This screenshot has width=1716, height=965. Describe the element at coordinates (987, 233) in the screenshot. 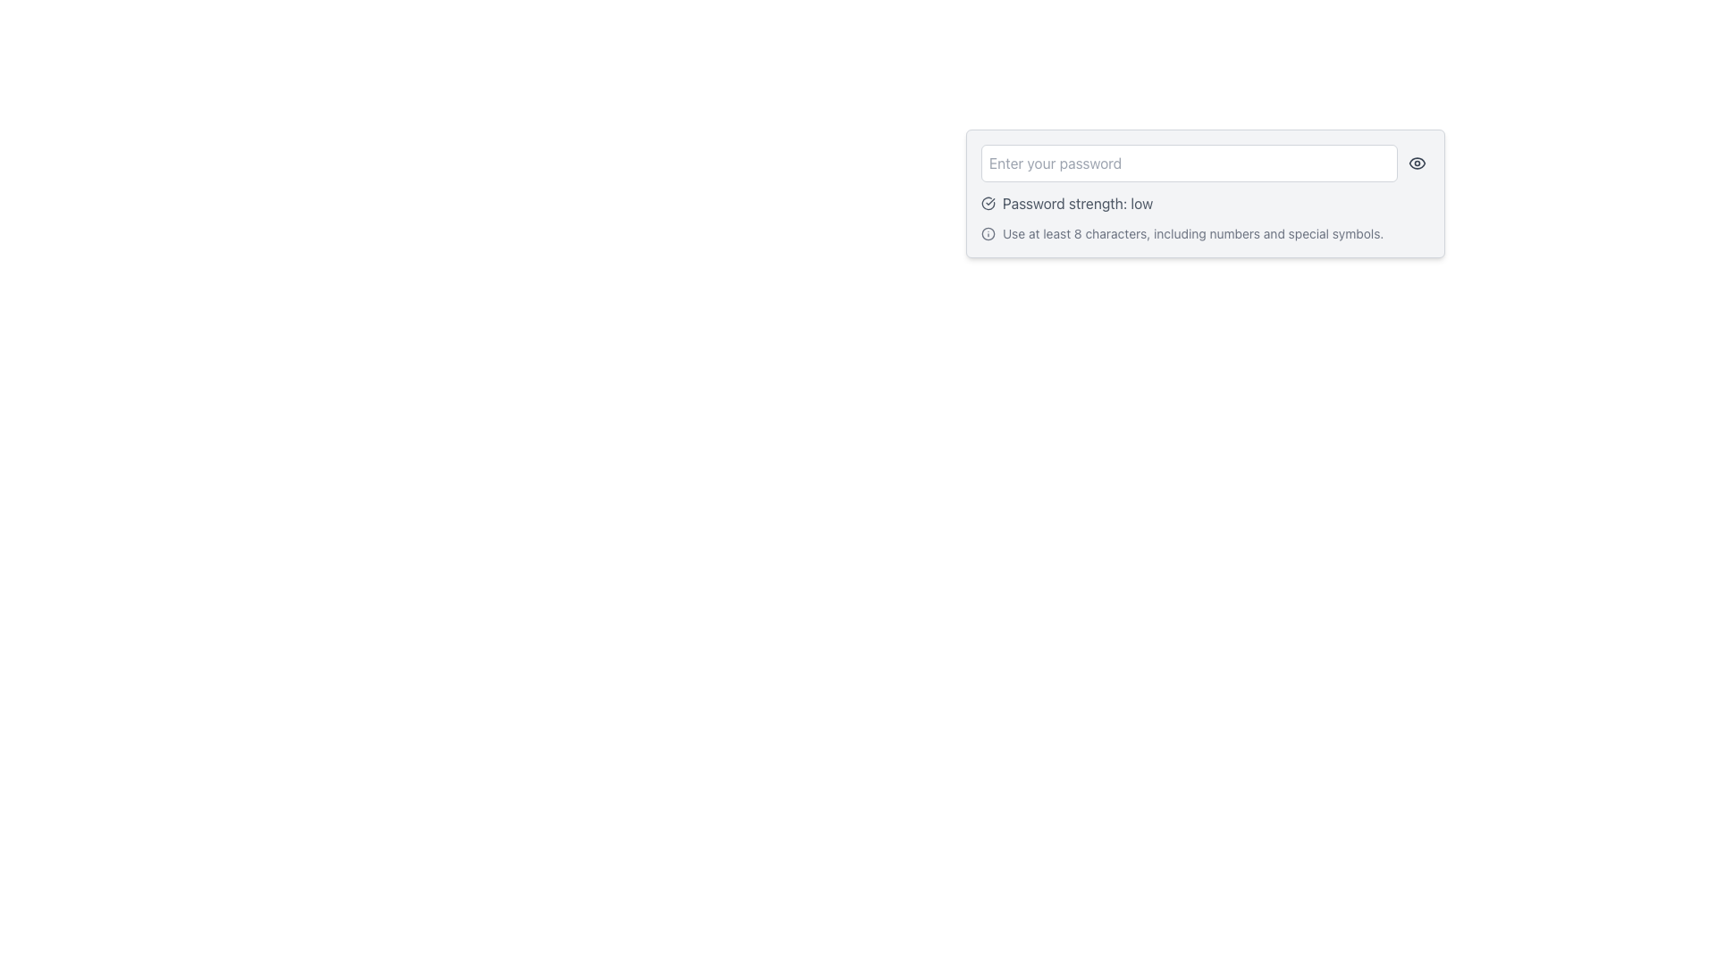

I see `the informational icon located at the bottom of the password input section, which indicates additional instructions or hints` at that location.